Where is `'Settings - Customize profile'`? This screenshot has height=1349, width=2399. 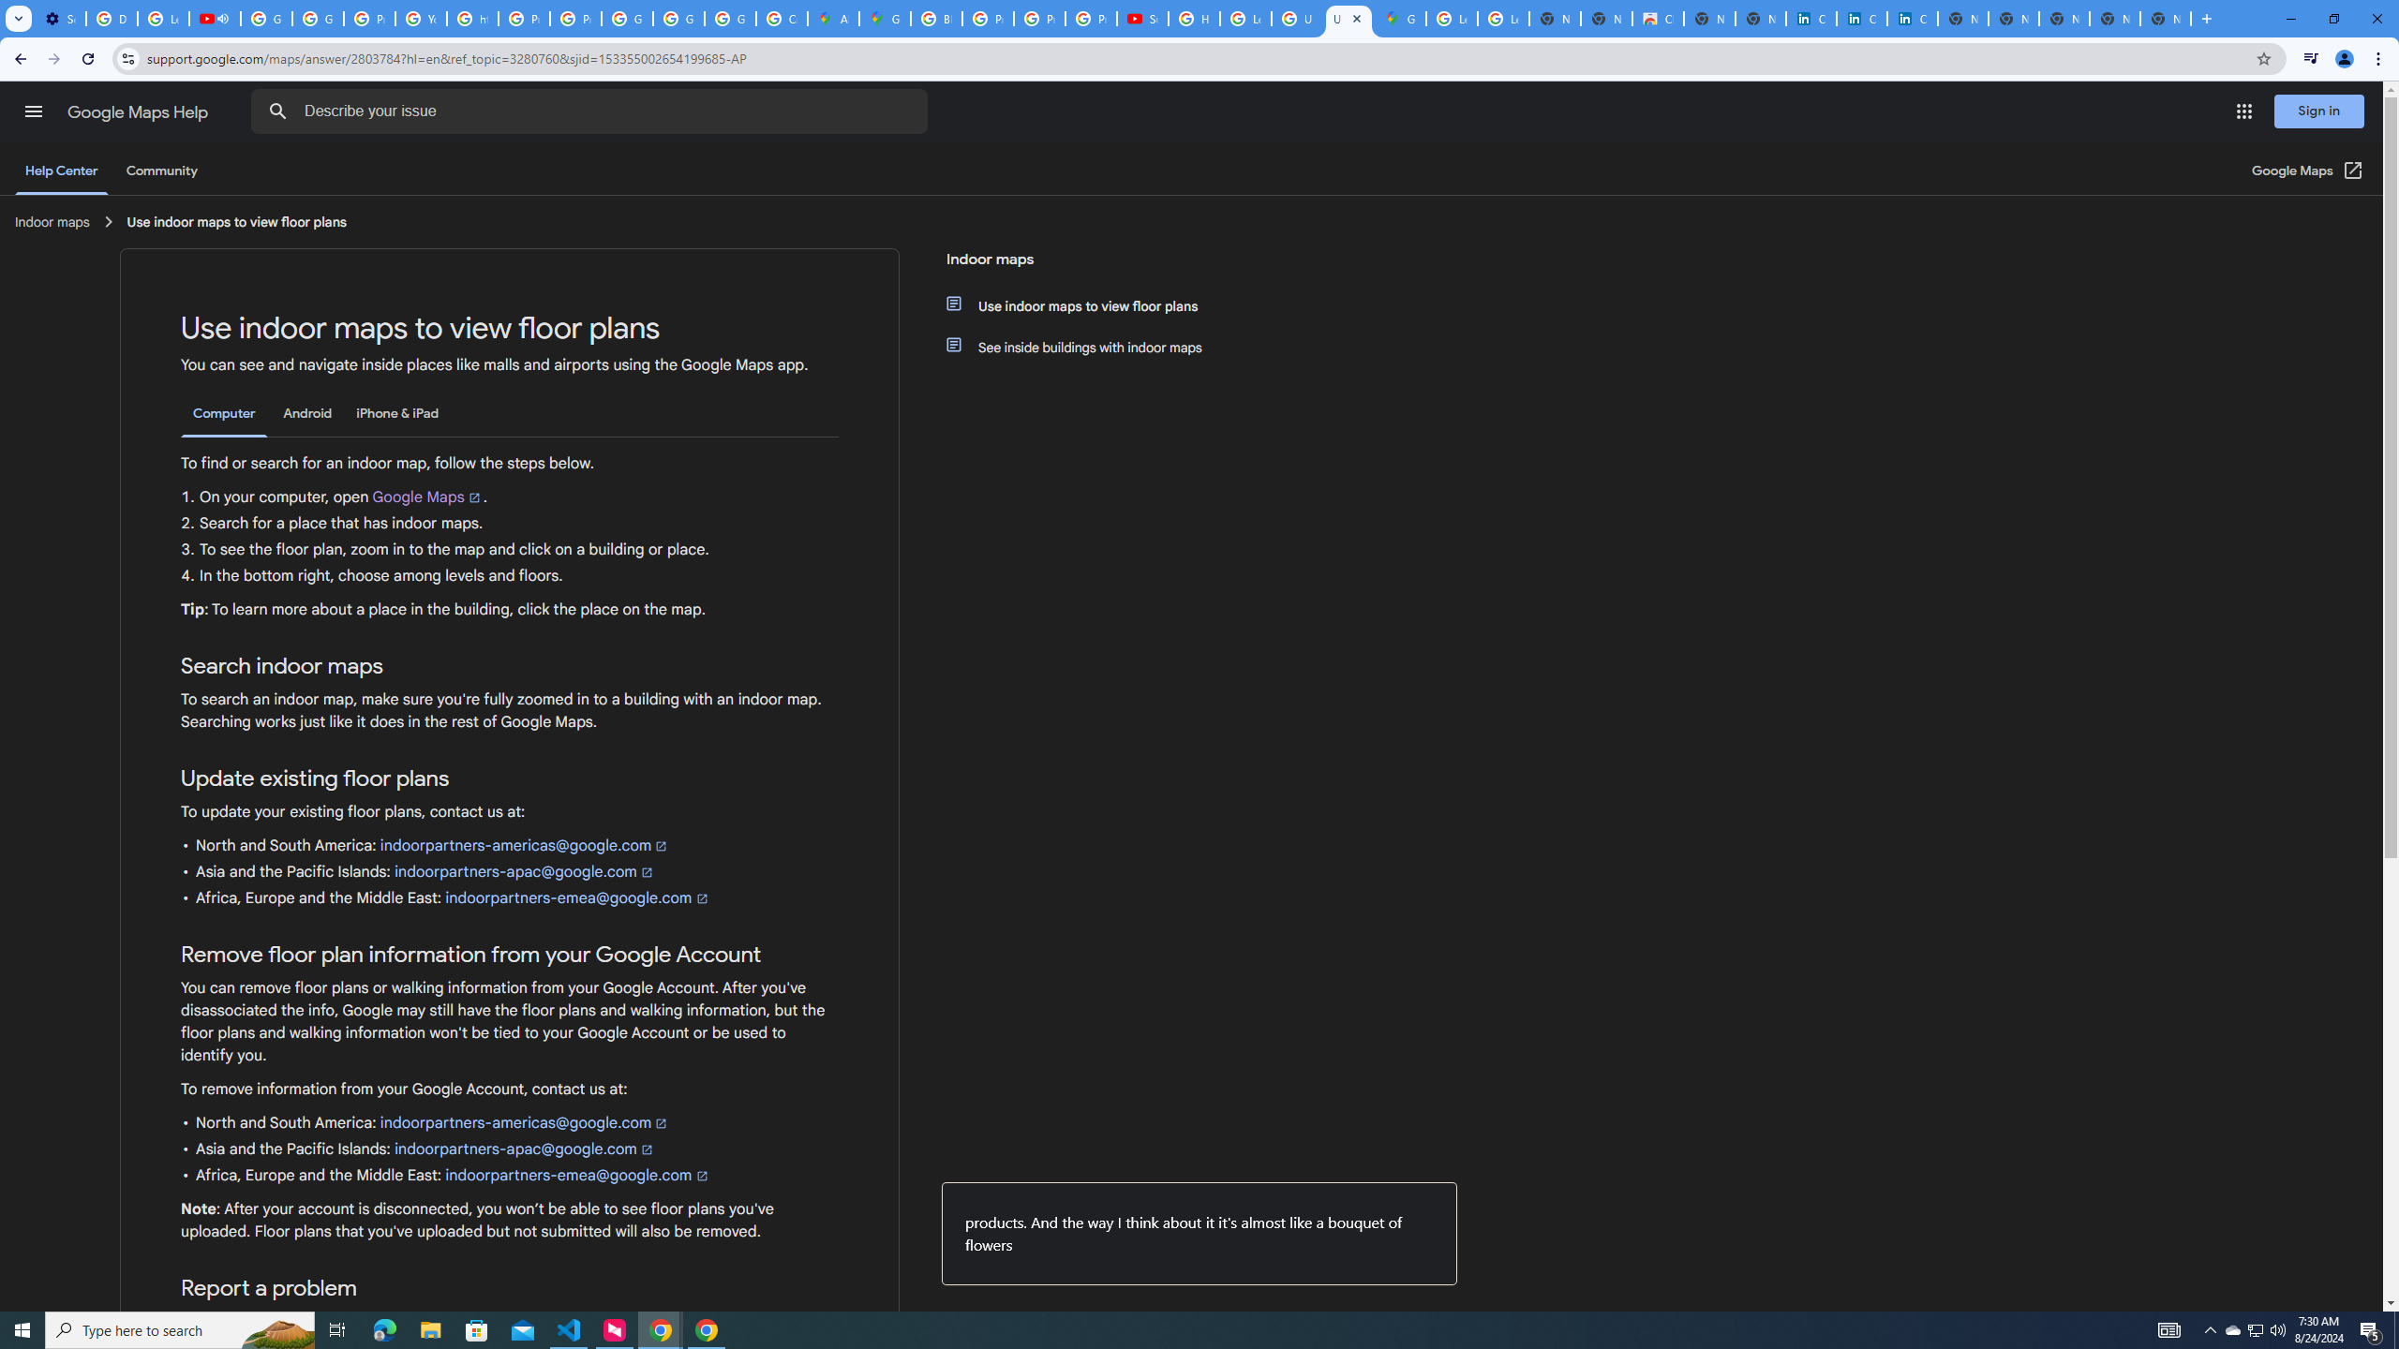 'Settings - Customize profile' is located at coordinates (60, 18).